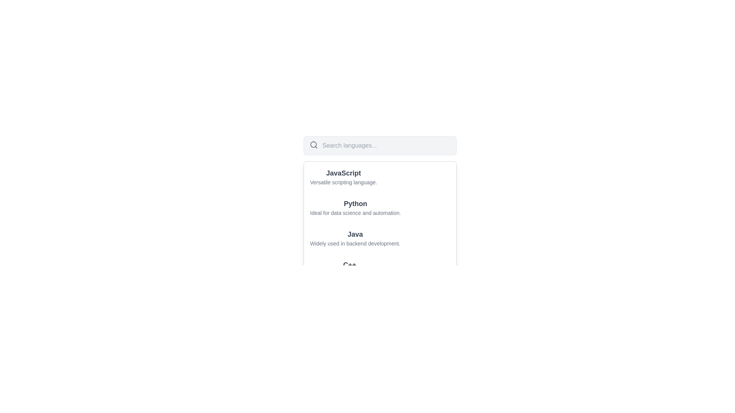 The width and height of the screenshot is (735, 413). Describe the element at coordinates (380, 238) in the screenshot. I see `the details of the static text label displaying 'Java' and its description related to backend development, which is the third item in a vertically stacked list of programming languages` at that location.